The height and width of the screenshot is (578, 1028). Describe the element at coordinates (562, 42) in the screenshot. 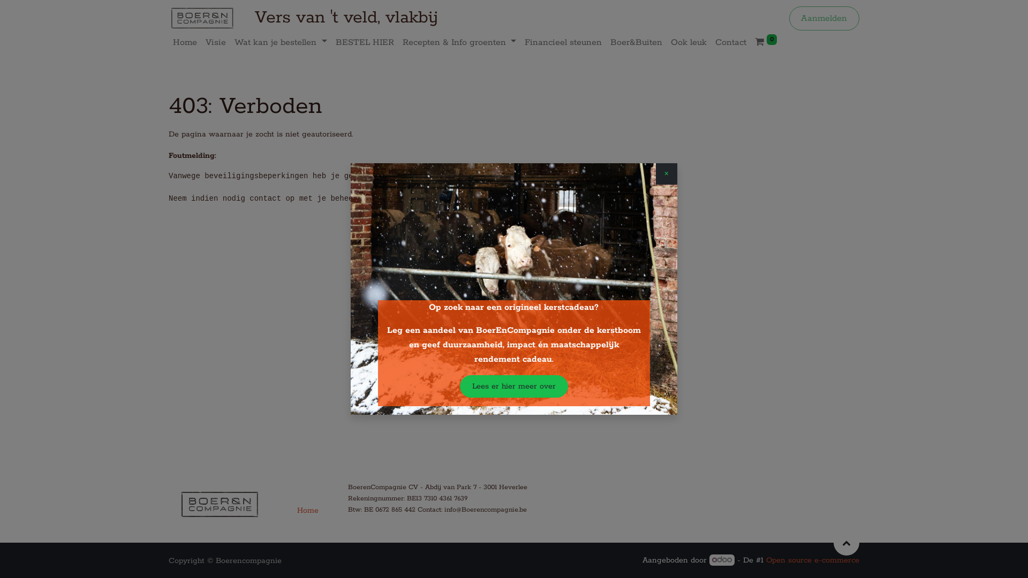

I see `'Financieel steunen'` at that location.